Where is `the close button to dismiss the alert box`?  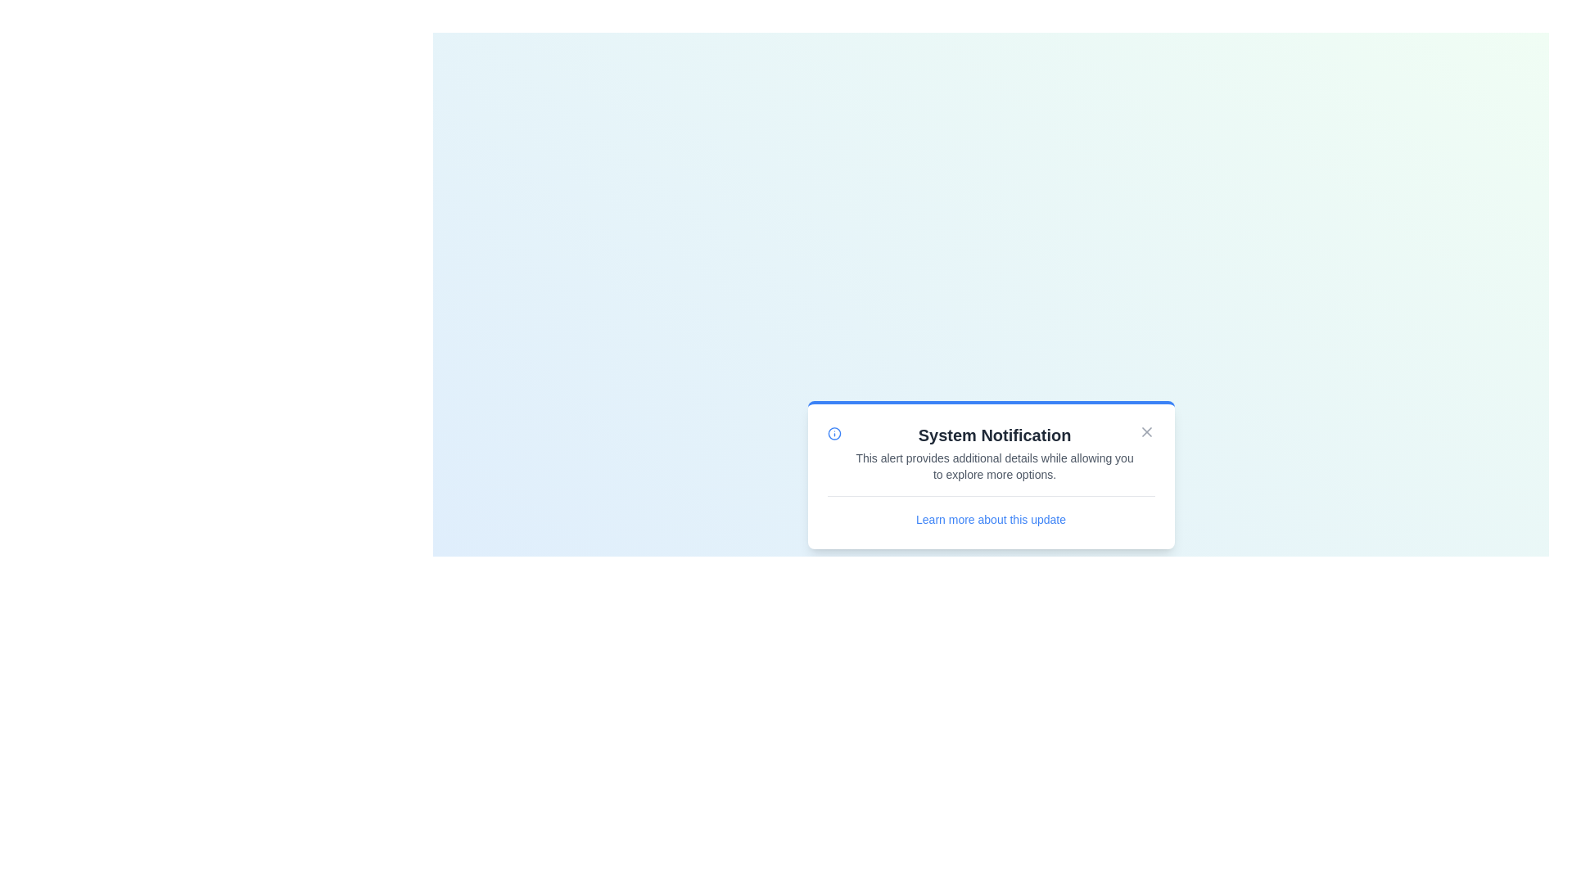
the close button to dismiss the alert box is located at coordinates (1145, 431).